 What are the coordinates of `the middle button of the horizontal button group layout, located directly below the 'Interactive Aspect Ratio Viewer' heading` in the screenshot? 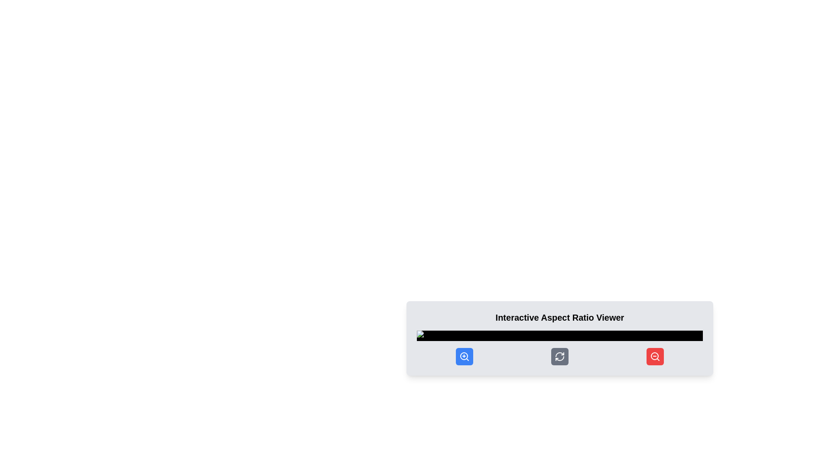 It's located at (559, 356).